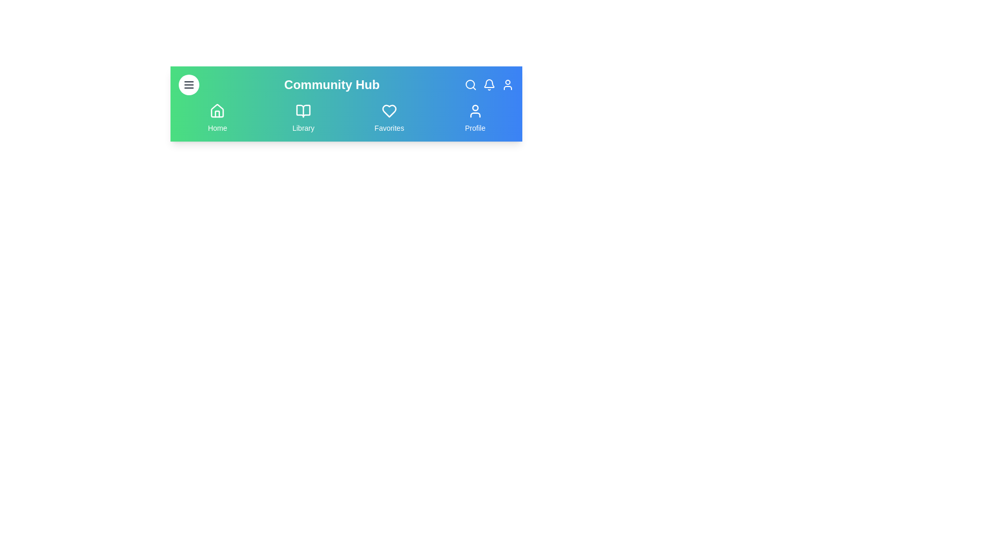  Describe the element at coordinates (189, 84) in the screenshot. I see `toggle button to toggle the navigation menu visibility` at that location.